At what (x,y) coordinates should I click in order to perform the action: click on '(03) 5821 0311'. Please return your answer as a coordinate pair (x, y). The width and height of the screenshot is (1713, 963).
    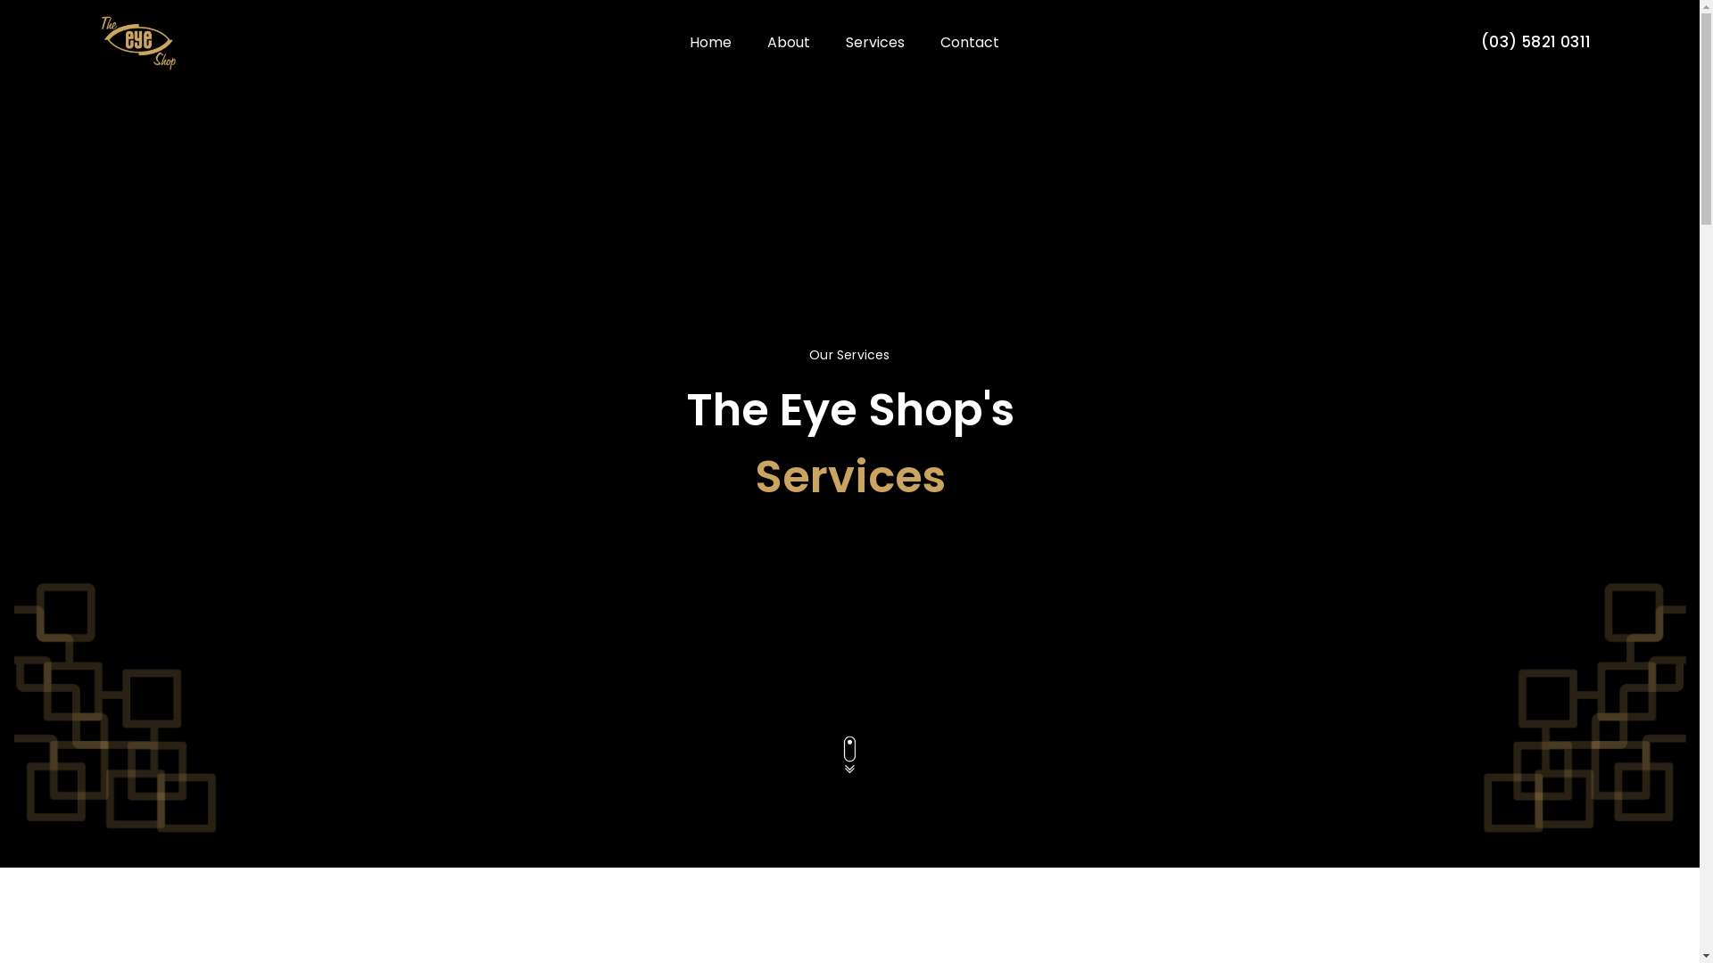
    Looking at the image, I should click on (1535, 41).